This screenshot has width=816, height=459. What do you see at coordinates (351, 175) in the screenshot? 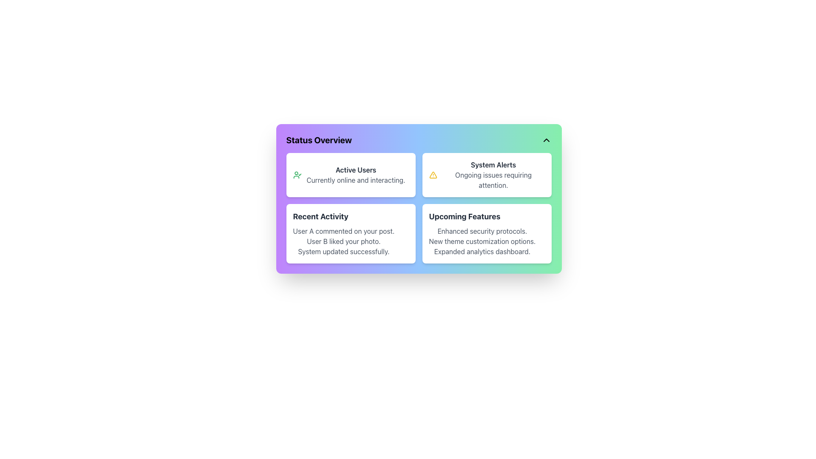
I see `the Informational Card displaying the status or count of active users, located in the top-left of the grid layout` at bounding box center [351, 175].